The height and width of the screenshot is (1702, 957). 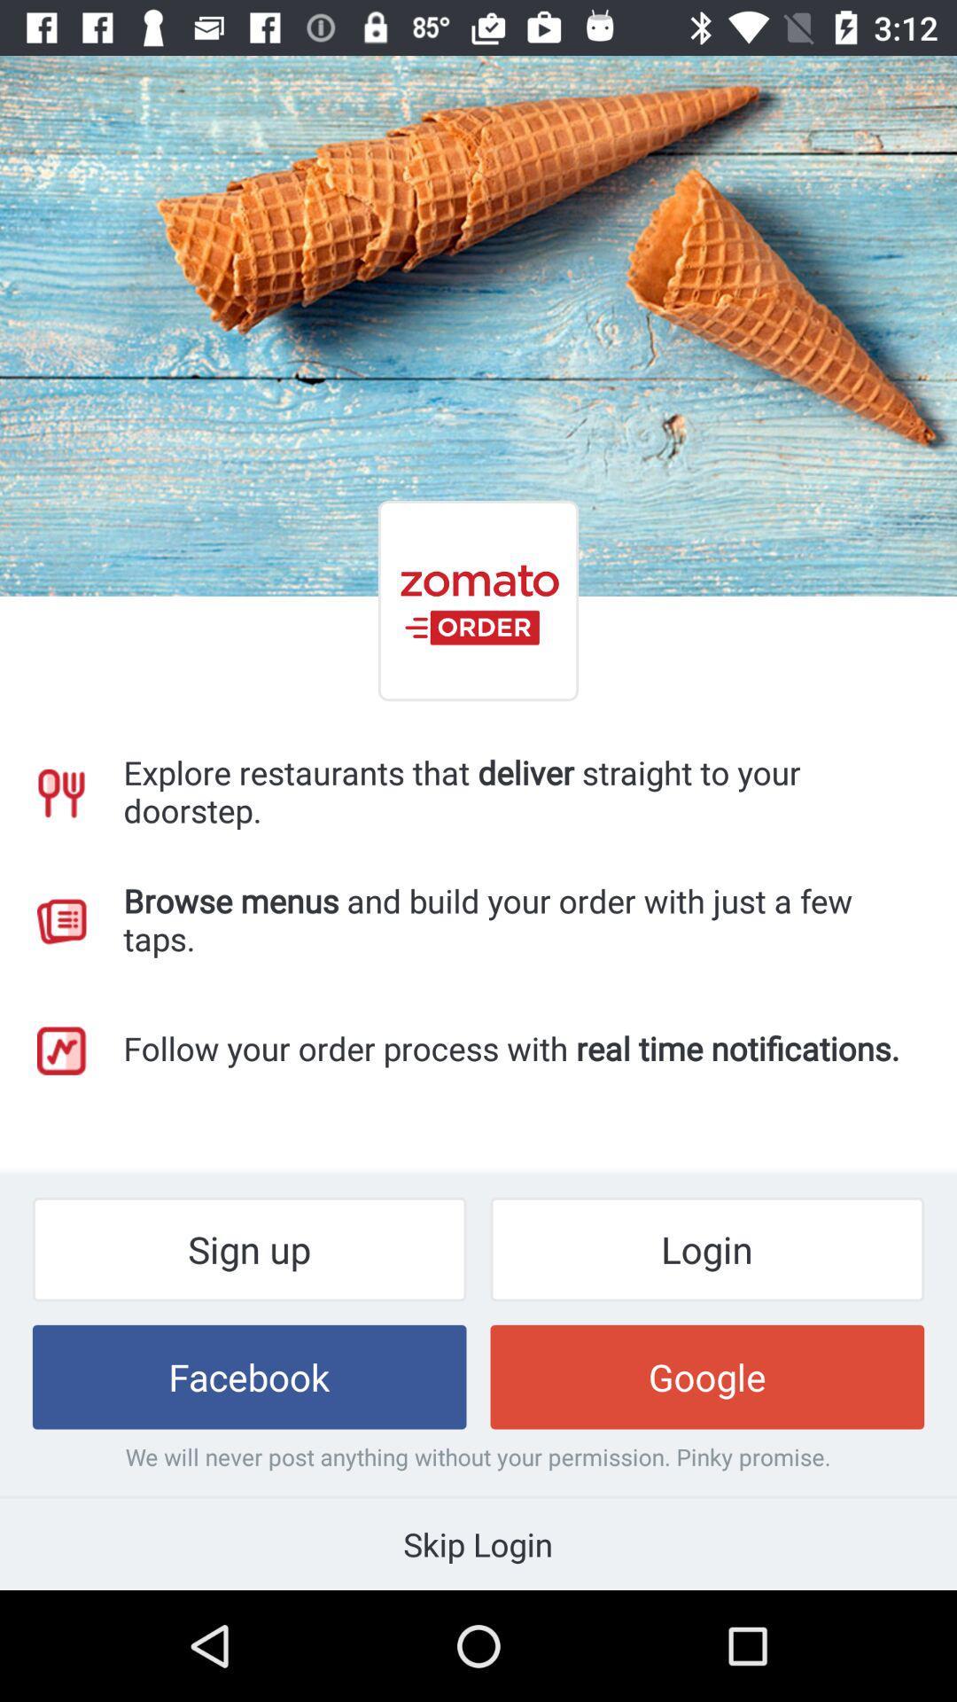 What do you see at coordinates (249, 1376) in the screenshot?
I see `the item next to google icon` at bounding box center [249, 1376].